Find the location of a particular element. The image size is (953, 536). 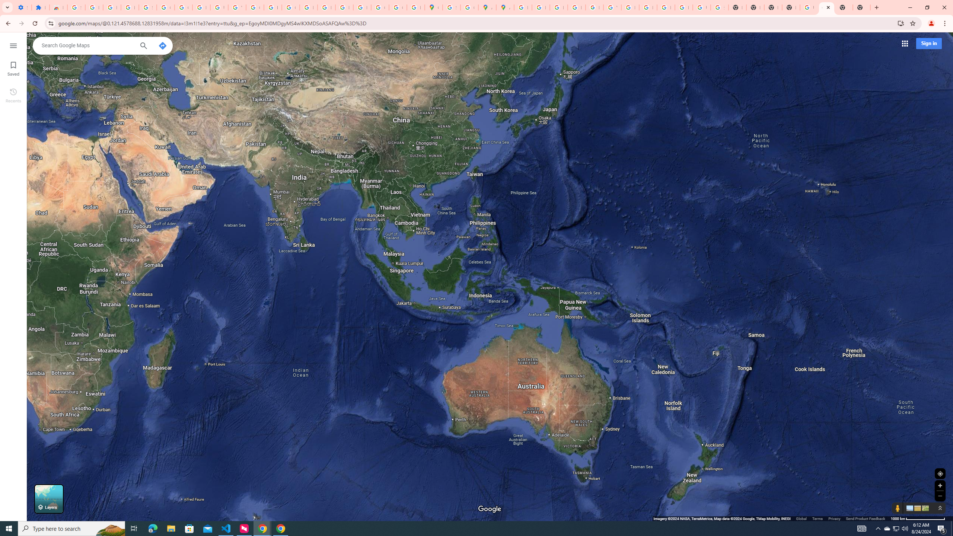

'Show Your Location' is located at coordinates (940, 473).